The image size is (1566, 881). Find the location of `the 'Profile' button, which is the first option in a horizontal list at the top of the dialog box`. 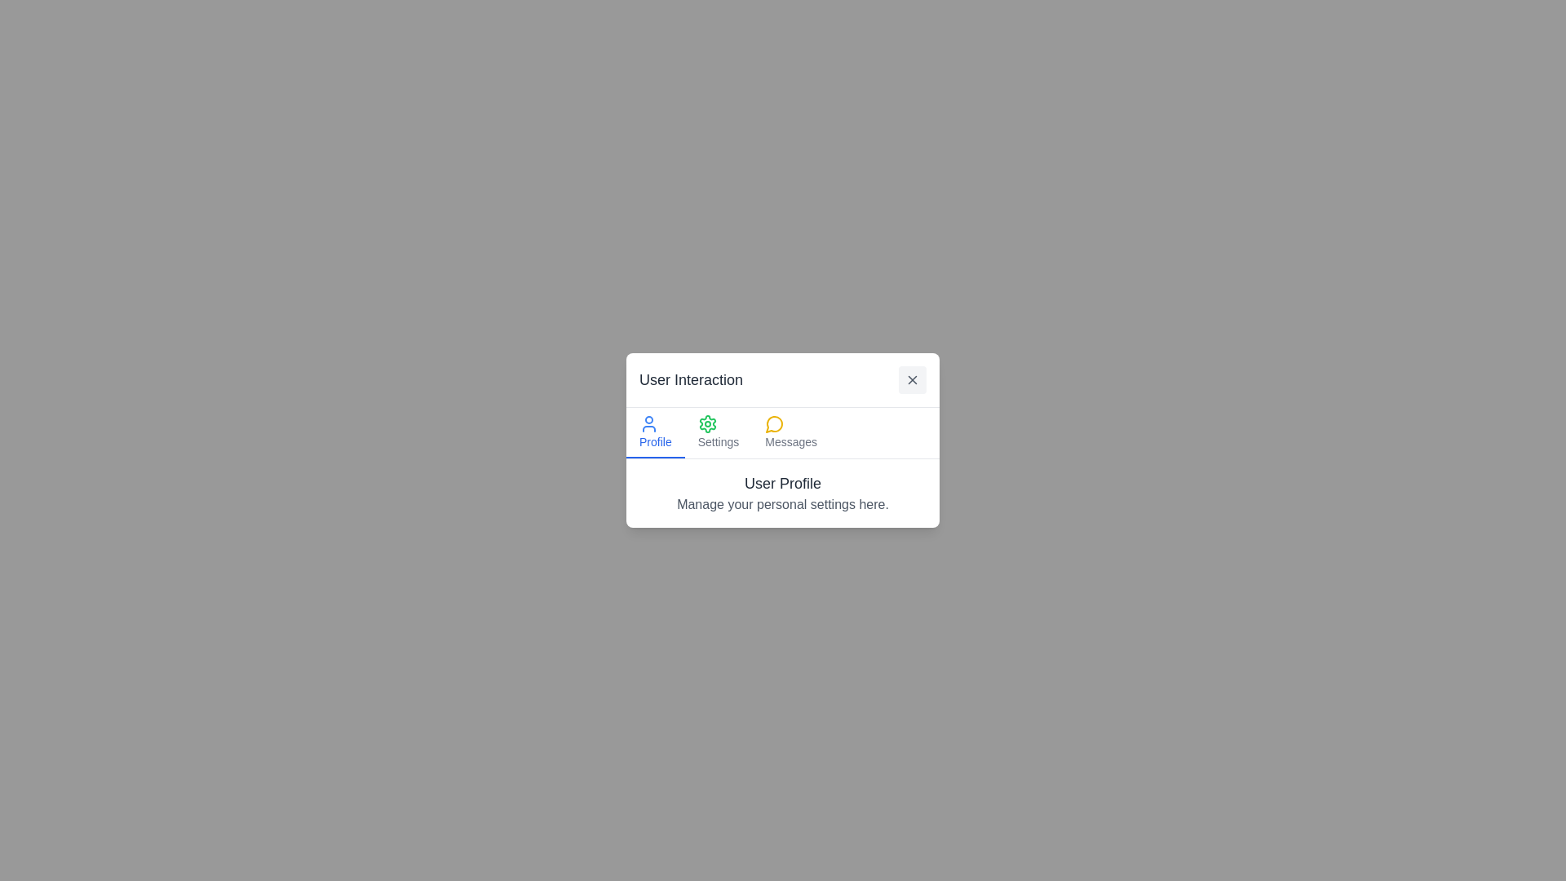

the 'Profile' button, which is the first option in a horizontal list at the top of the dialog box is located at coordinates (655, 432).